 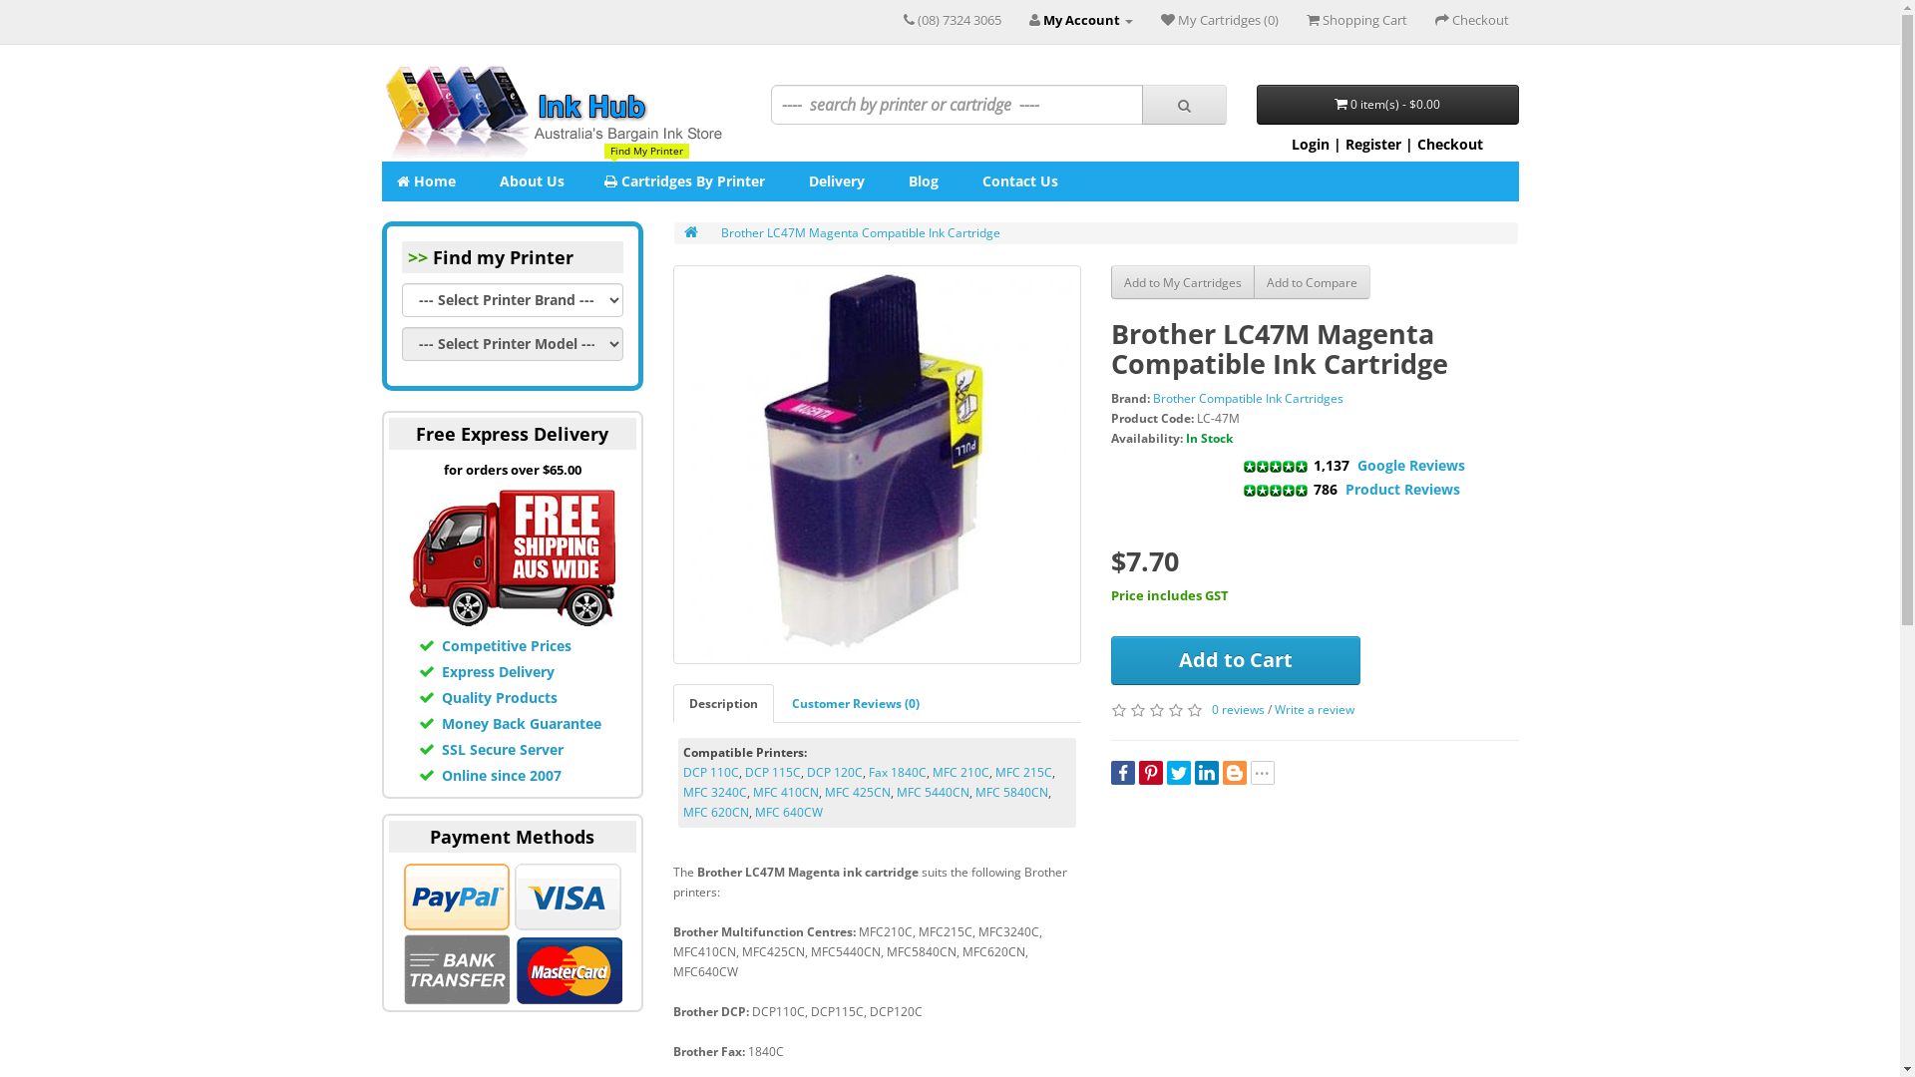 I want to click on 'My Cartridges (0)', so click(x=1219, y=19).